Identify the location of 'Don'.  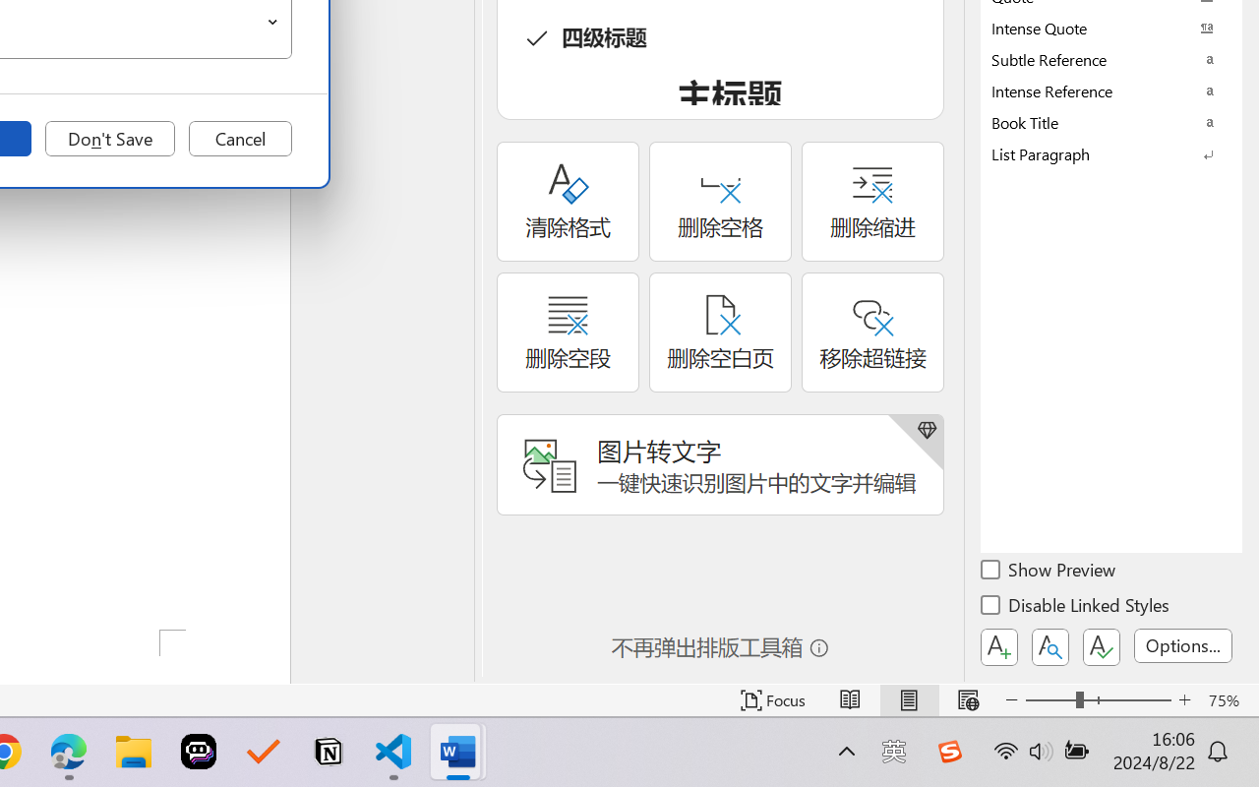
(109, 139).